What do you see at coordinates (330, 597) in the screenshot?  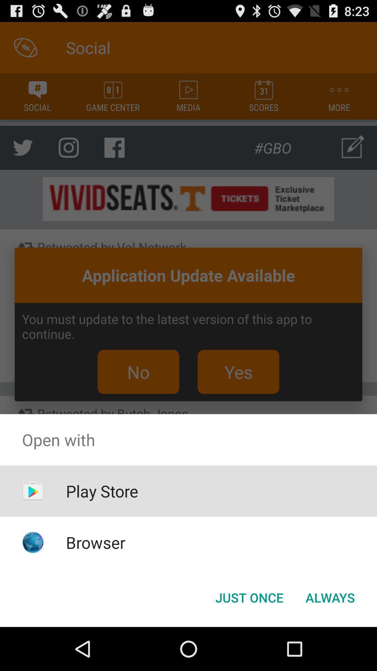 I see `button to the right of just once button` at bounding box center [330, 597].